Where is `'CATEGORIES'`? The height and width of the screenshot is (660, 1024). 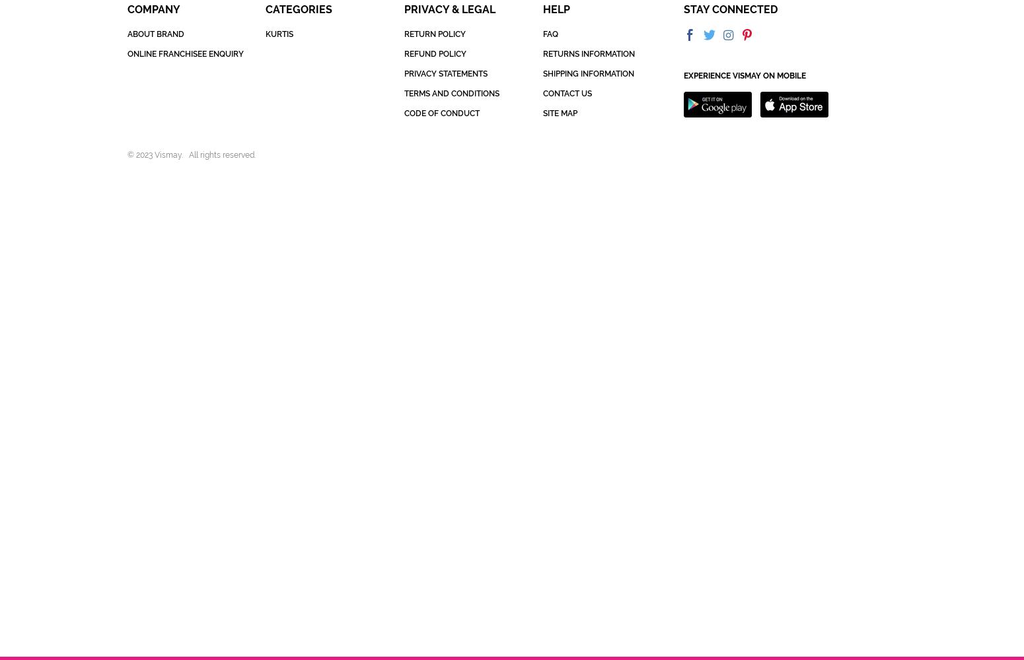 'CATEGORIES' is located at coordinates (299, 9).